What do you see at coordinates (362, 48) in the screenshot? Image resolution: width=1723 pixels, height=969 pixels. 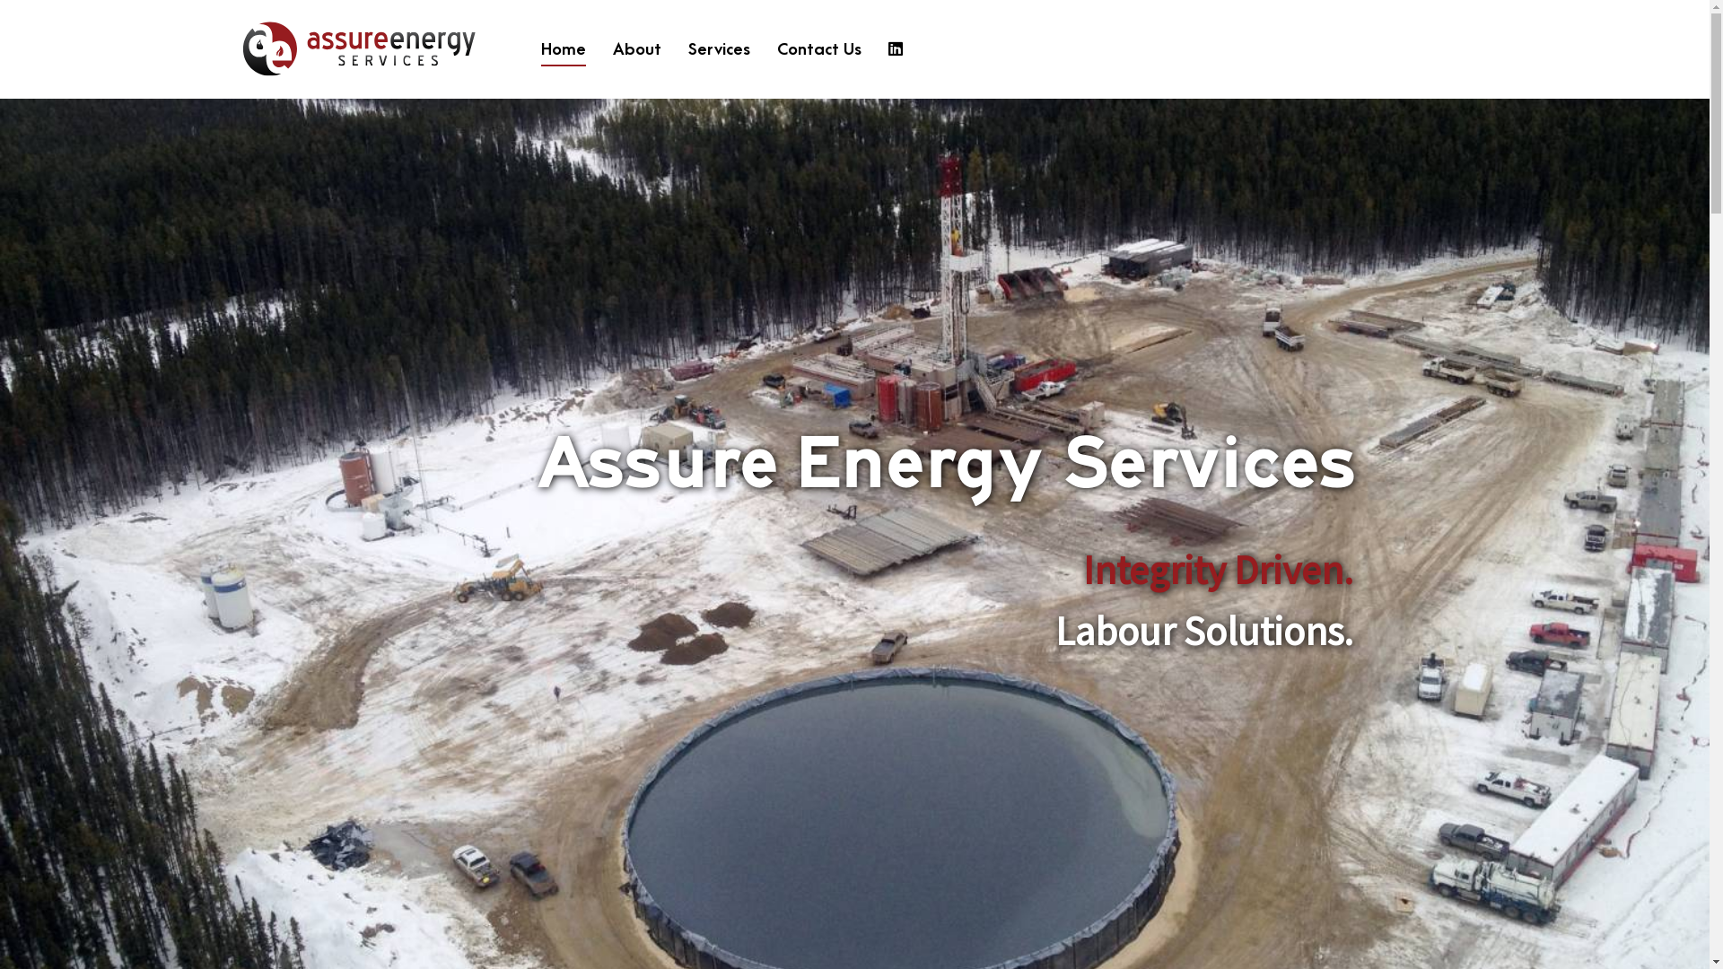 I see `'Assure Energy Services'` at bounding box center [362, 48].